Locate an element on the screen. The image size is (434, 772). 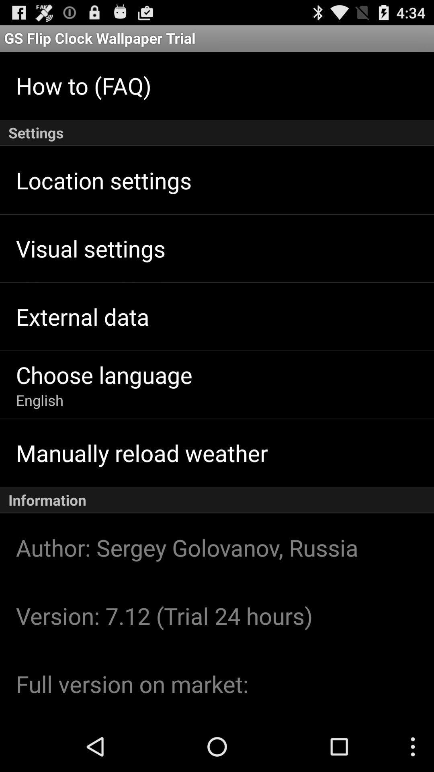
information icon is located at coordinates (217, 500).